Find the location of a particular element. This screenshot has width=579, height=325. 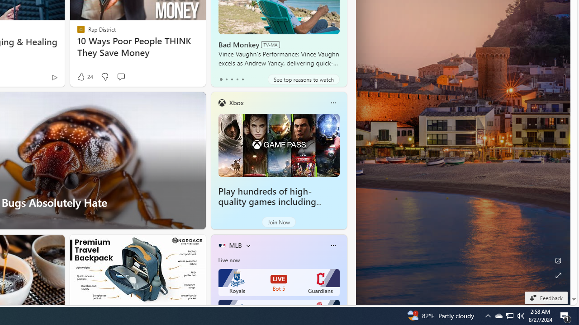

'Royals LIVE Bot 5 Guardians' is located at coordinates (278, 282).